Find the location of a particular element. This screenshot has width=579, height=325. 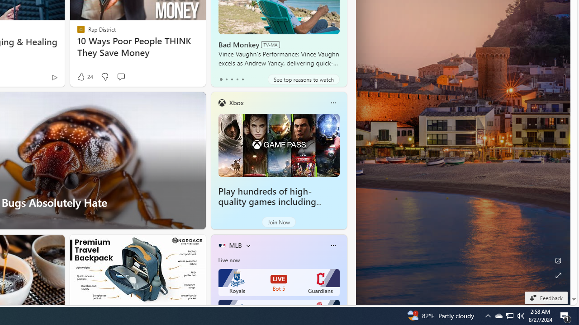

'Royals LIVE Bot 5 Guardians' is located at coordinates (278, 282).